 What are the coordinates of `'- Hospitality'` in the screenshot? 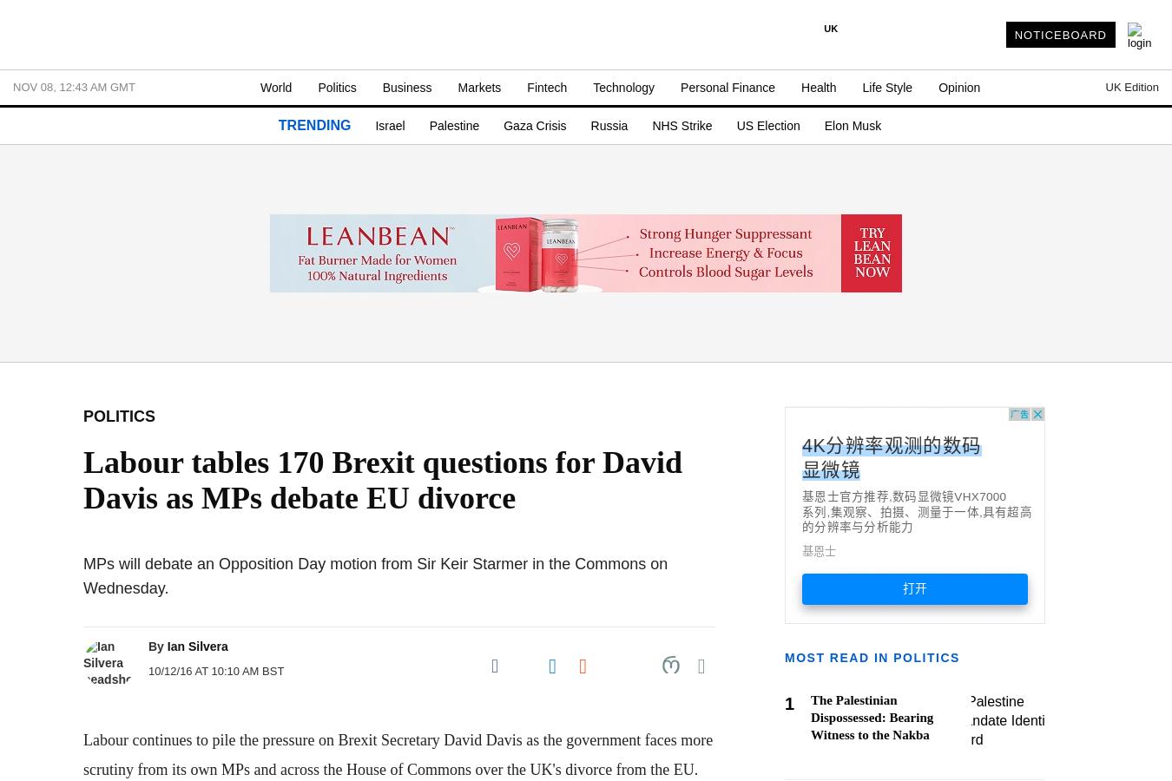 It's located at (52, 311).